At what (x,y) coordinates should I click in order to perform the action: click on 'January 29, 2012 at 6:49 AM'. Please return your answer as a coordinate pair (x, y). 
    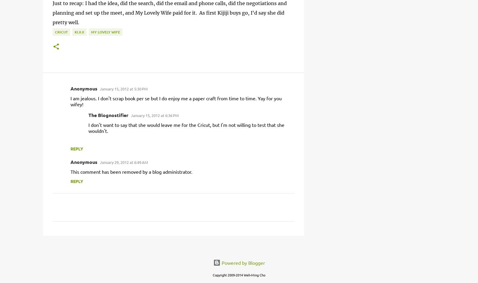
    Looking at the image, I should click on (123, 162).